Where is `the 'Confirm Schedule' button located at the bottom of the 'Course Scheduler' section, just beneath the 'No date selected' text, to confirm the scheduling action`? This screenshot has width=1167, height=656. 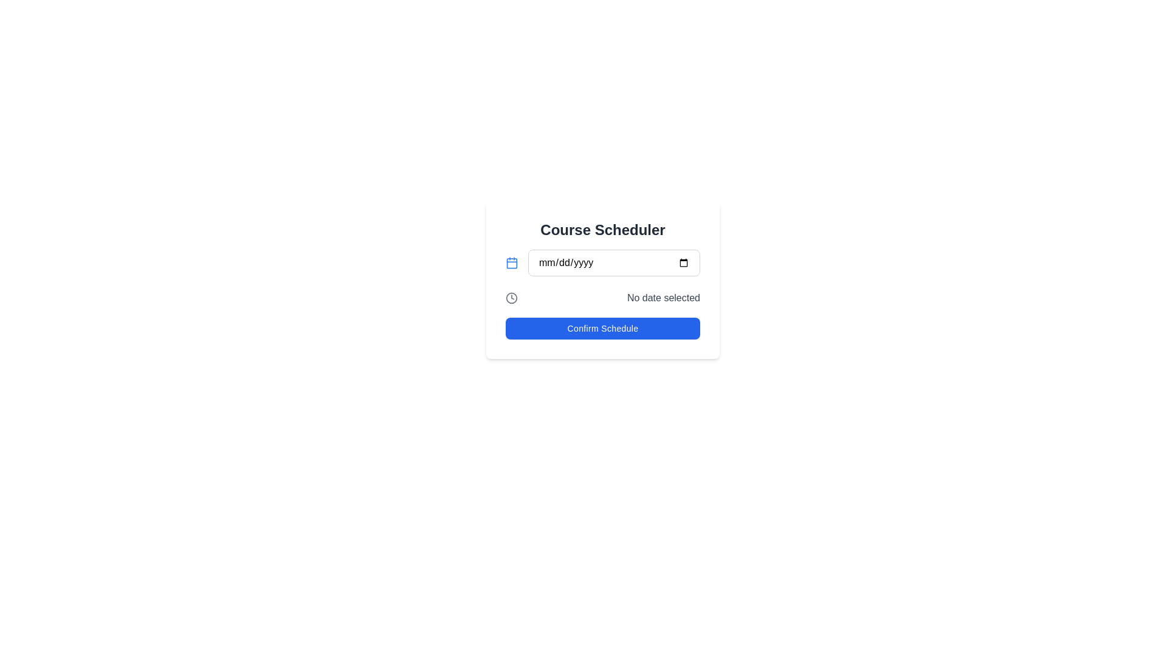
the 'Confirm Schedule' button located at the bottom of the 'Course Scheduler' section, just beneath the 'No date selected' text, to confirm the scheduling action is located at coordinates (603, 328).